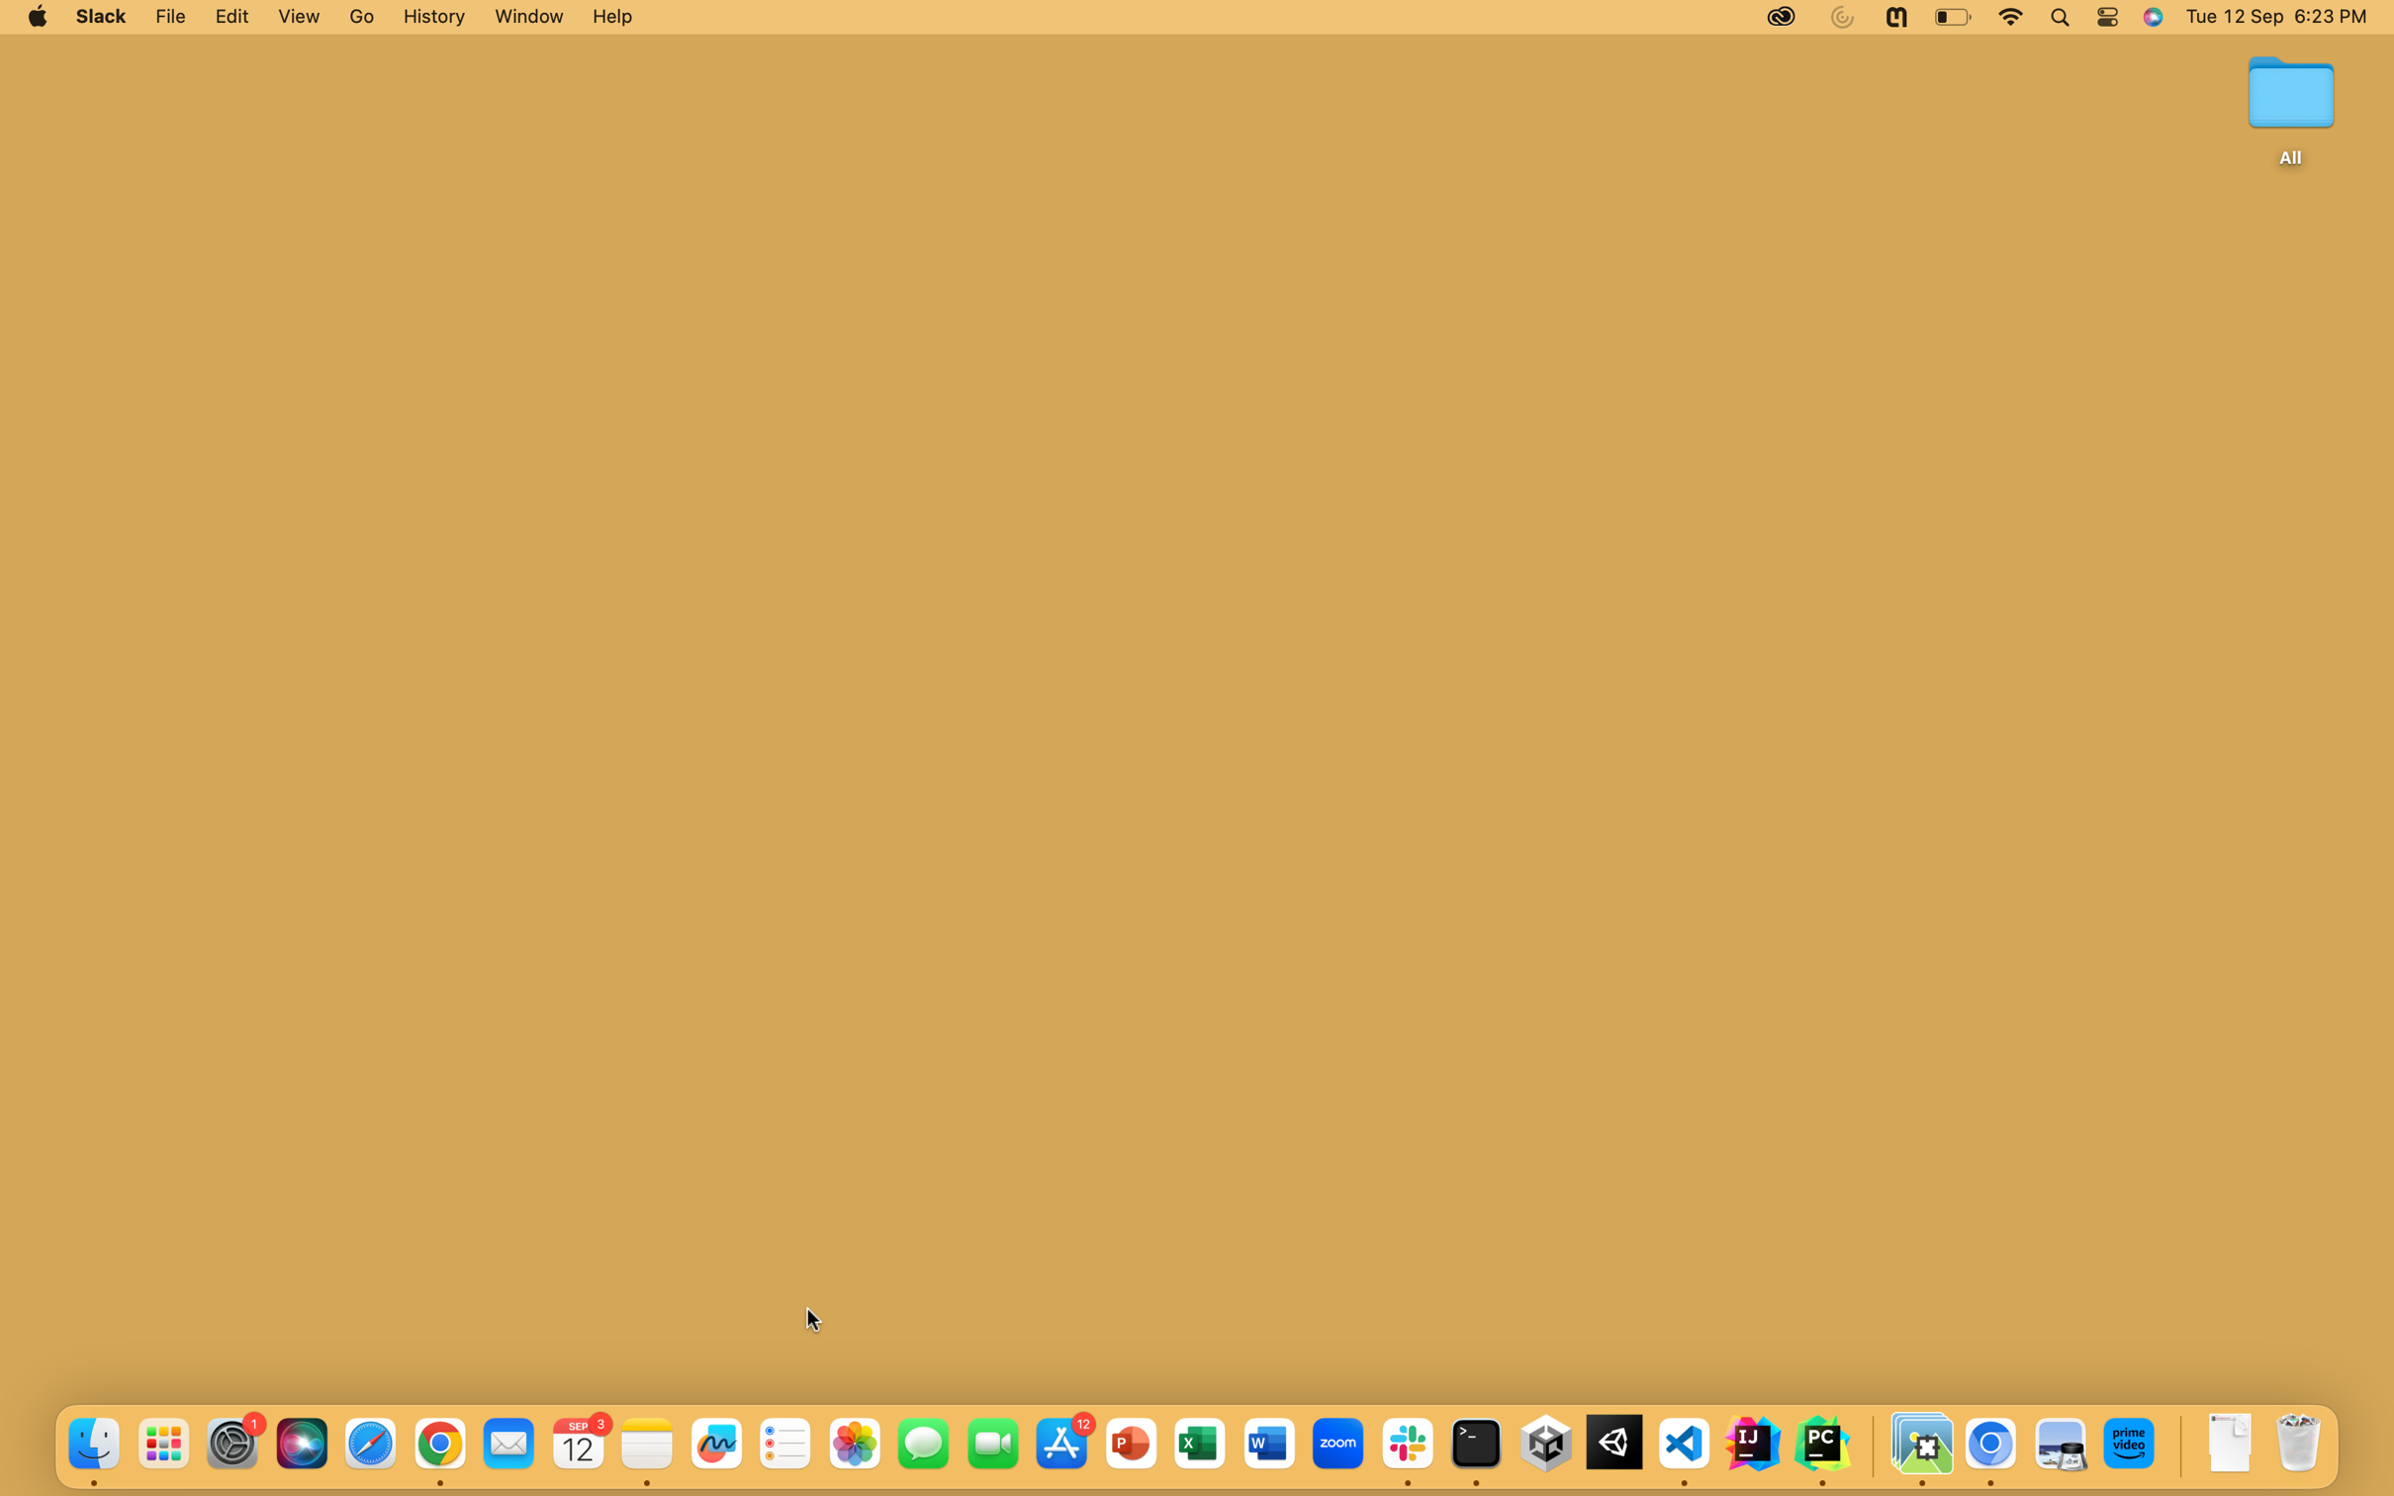  Describe the element at coordinates (2059, 17) in the screenshot. I see `Through the search feature, identify and open the Calculator App` at that location.